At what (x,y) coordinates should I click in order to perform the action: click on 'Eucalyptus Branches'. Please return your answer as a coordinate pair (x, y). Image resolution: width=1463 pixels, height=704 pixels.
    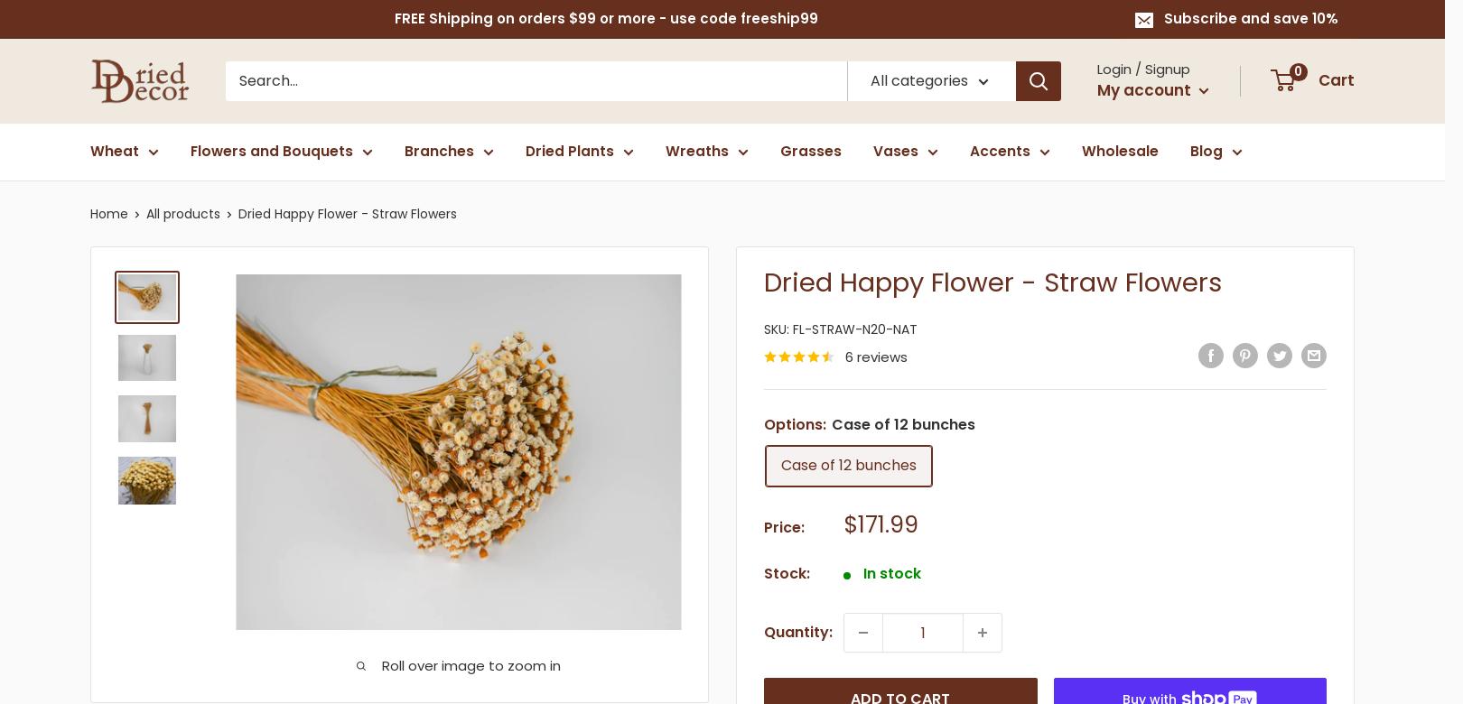
    Looking at the image, I should click on (531, 209).